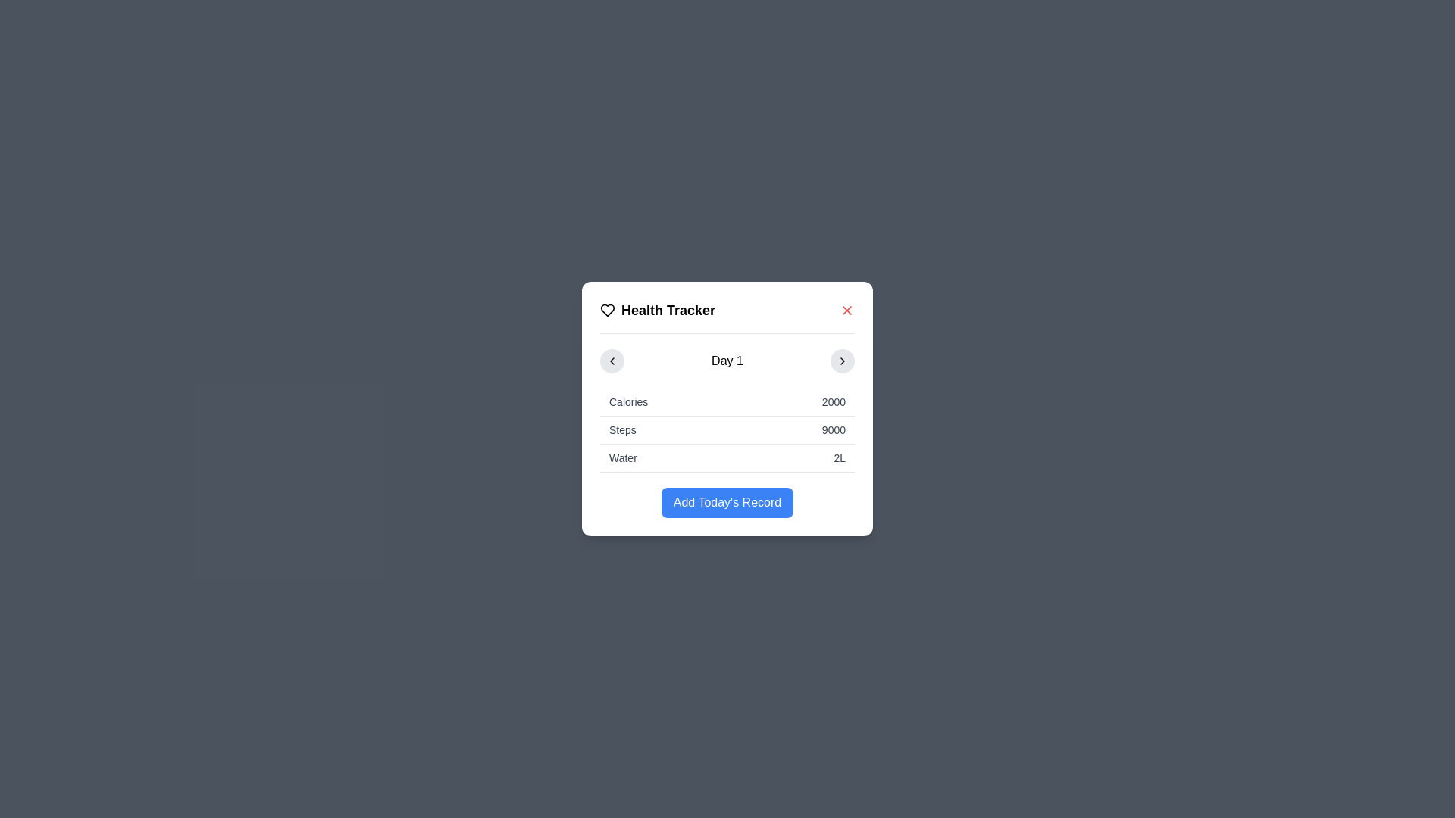 Image resolution: width=1455 pixels, height=818 pixels. What do you see at coordinates (628, 401) in the screenshot?
I see `the Text label indicating caloric intake data in the Health Tracker card, located to the left of the value '2000'` at bounding box center [628, 401].